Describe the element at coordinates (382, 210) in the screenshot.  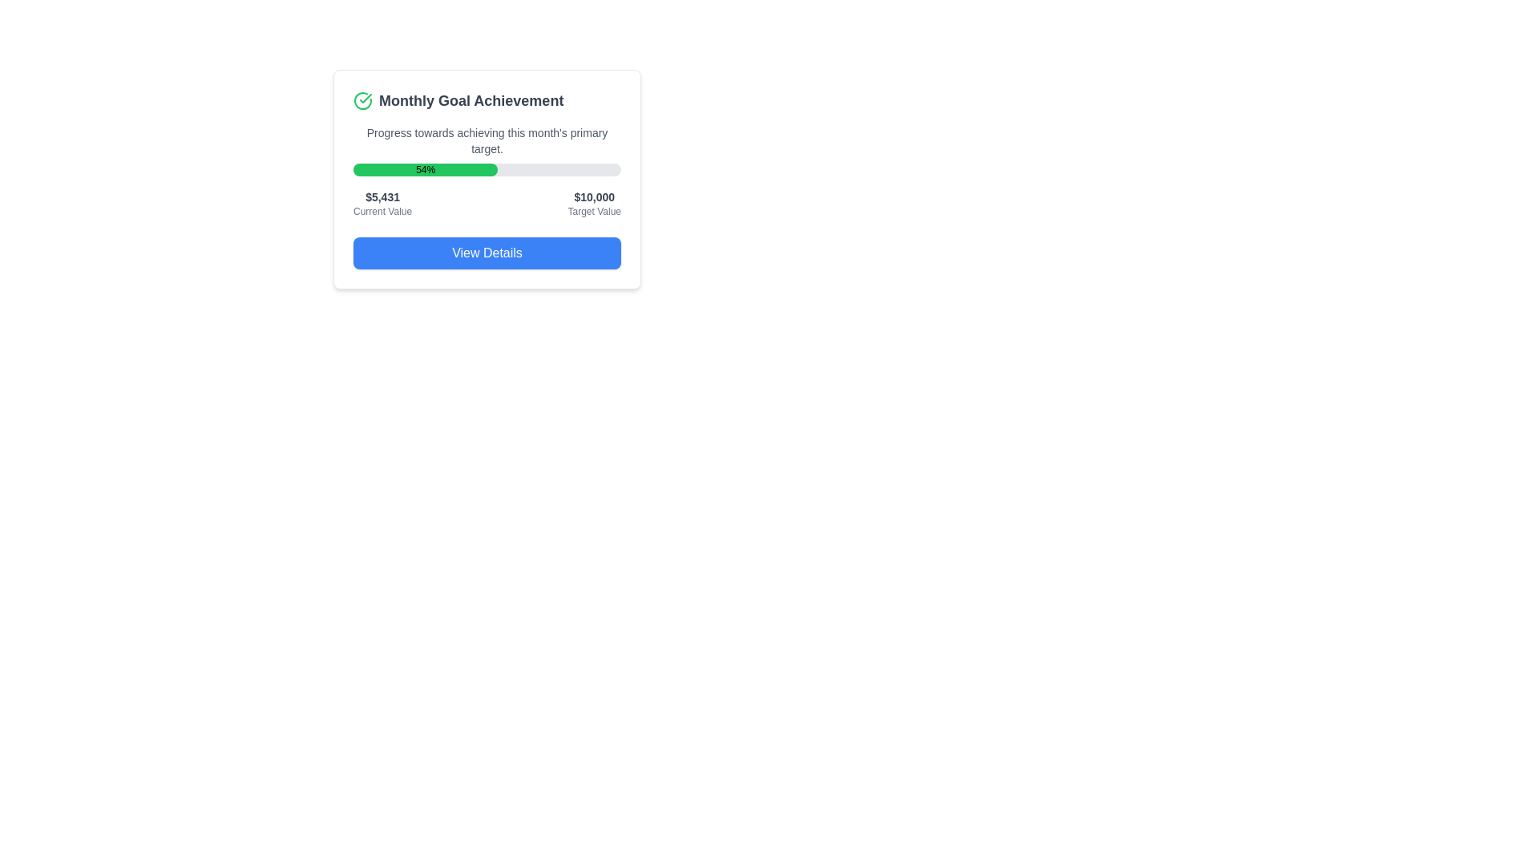
I see `the static label displaying 'Current Value' in light gray font, located below the larger text '$5,431' in the lower-left corner of the card` at that location.